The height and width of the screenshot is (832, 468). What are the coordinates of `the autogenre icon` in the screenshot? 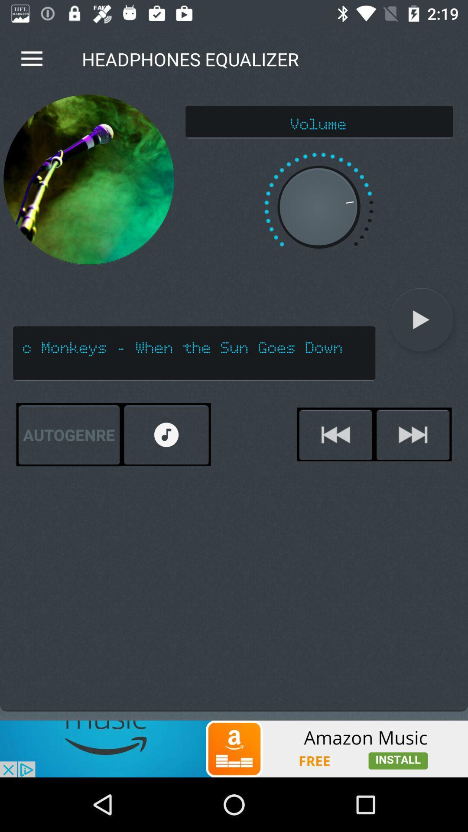 It's located at (68, 435).